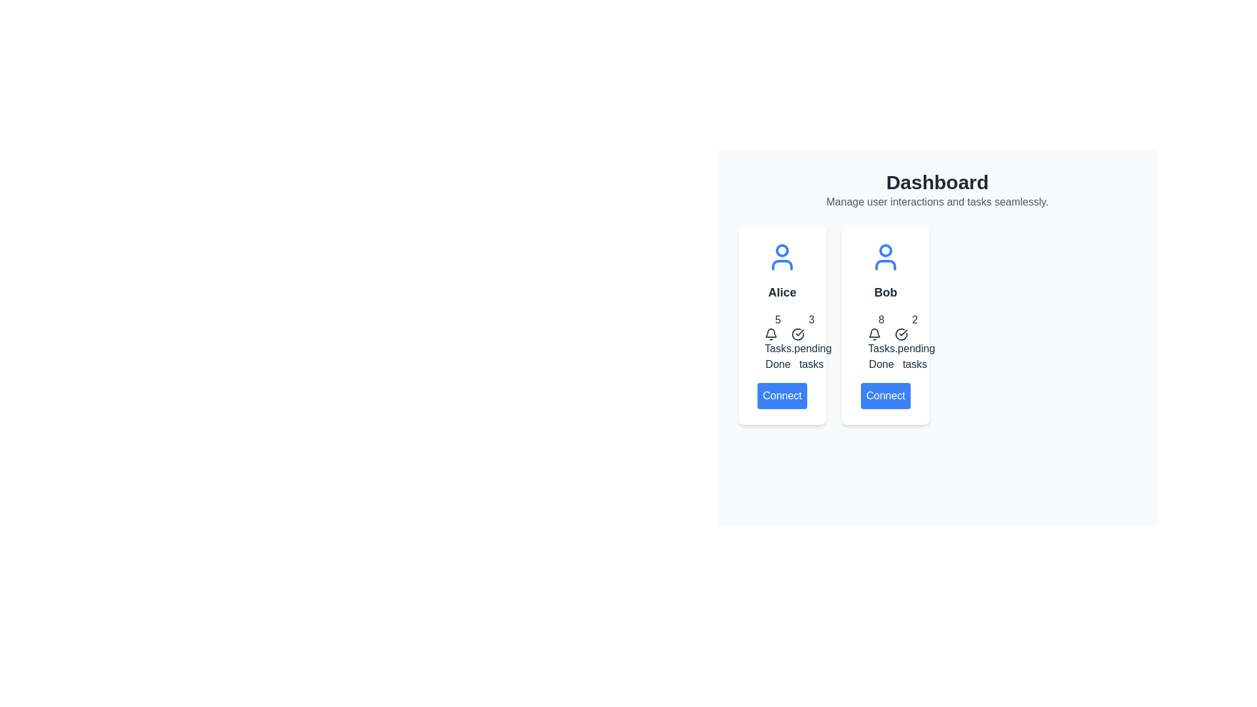 Image resolution: width=1257 pixels, height=707 pixels. I want to click on the bell icon, which is a minimalistic outline design used to represent notifications and is positioned adjacent to a notification count, so click(874, 332).